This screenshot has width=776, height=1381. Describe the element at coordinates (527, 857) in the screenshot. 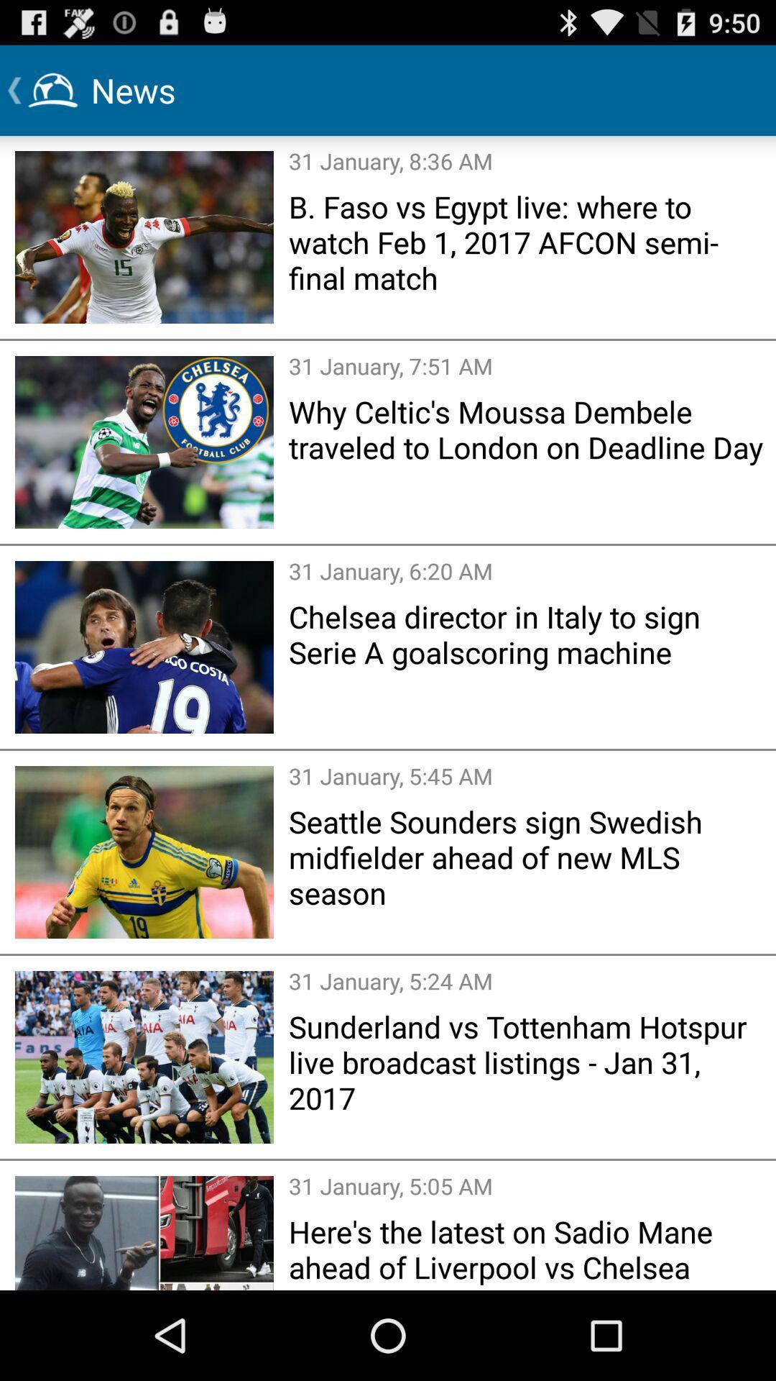

I see `the seattle sounders sign app` at that location.